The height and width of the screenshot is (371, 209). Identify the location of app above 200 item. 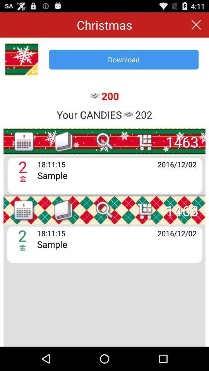
(124, 59).